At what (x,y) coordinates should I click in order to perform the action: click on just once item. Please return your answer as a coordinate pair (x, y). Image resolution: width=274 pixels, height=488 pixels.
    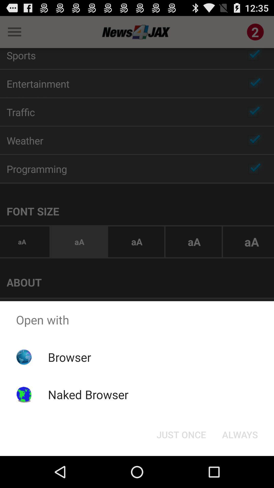
    Looking at the image, I should click on (181, 434).